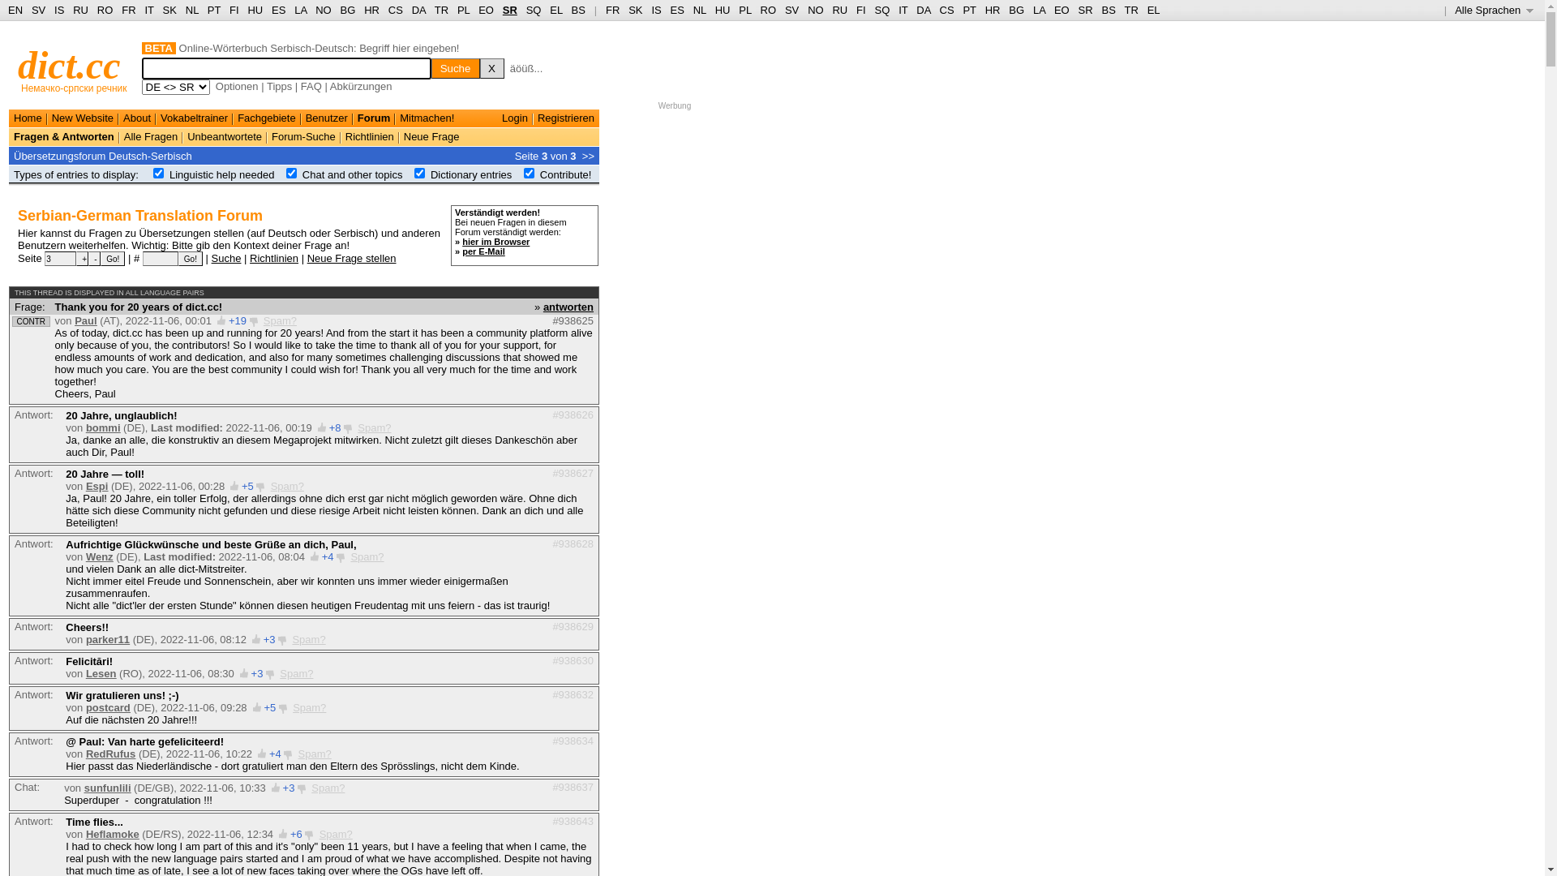 This screenshot has height=876, width=1557. I want to click on 'Neue Frage', so click(431, 135).